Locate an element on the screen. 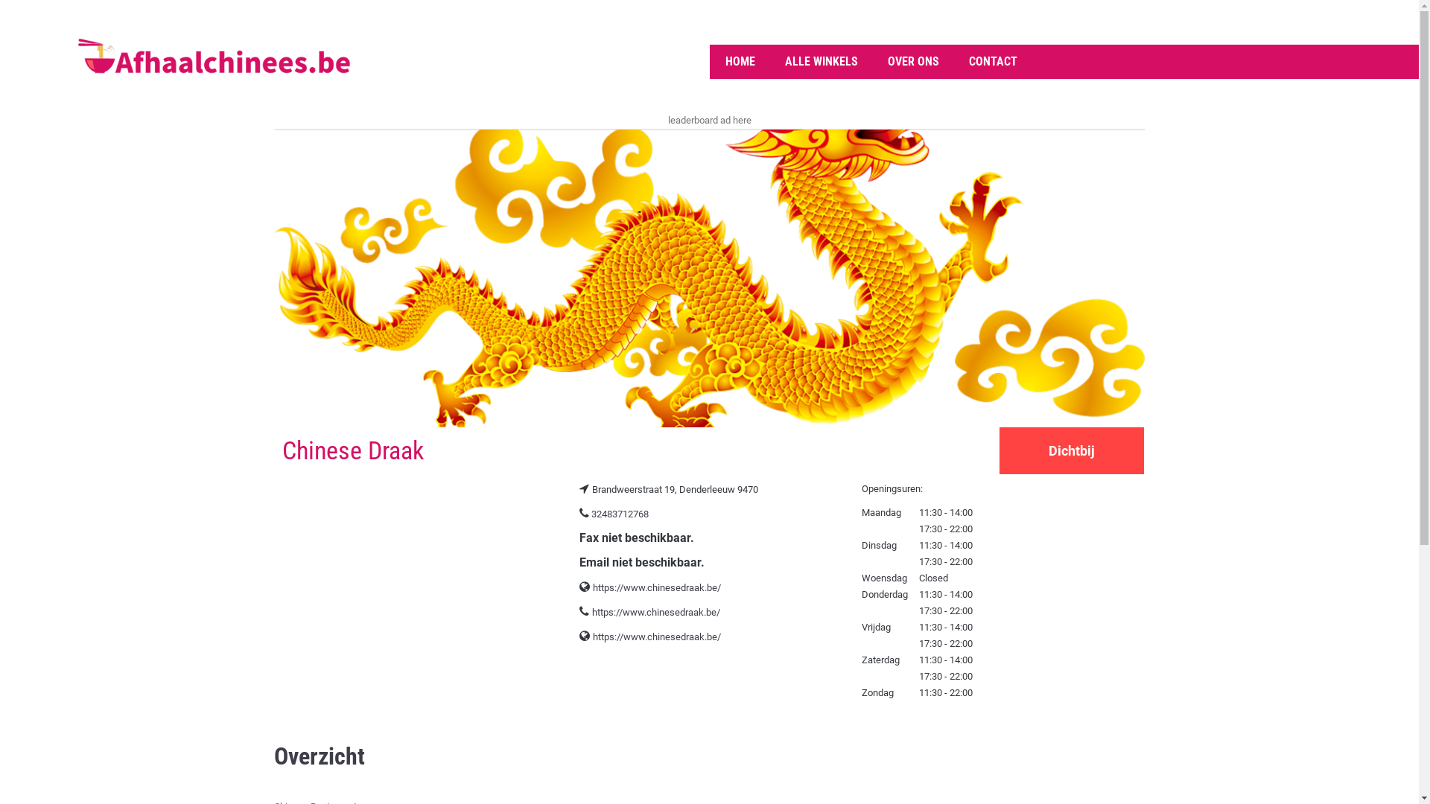 The image size is (1430, 804). 'CONTACT' is located at coordinates (992, 61).